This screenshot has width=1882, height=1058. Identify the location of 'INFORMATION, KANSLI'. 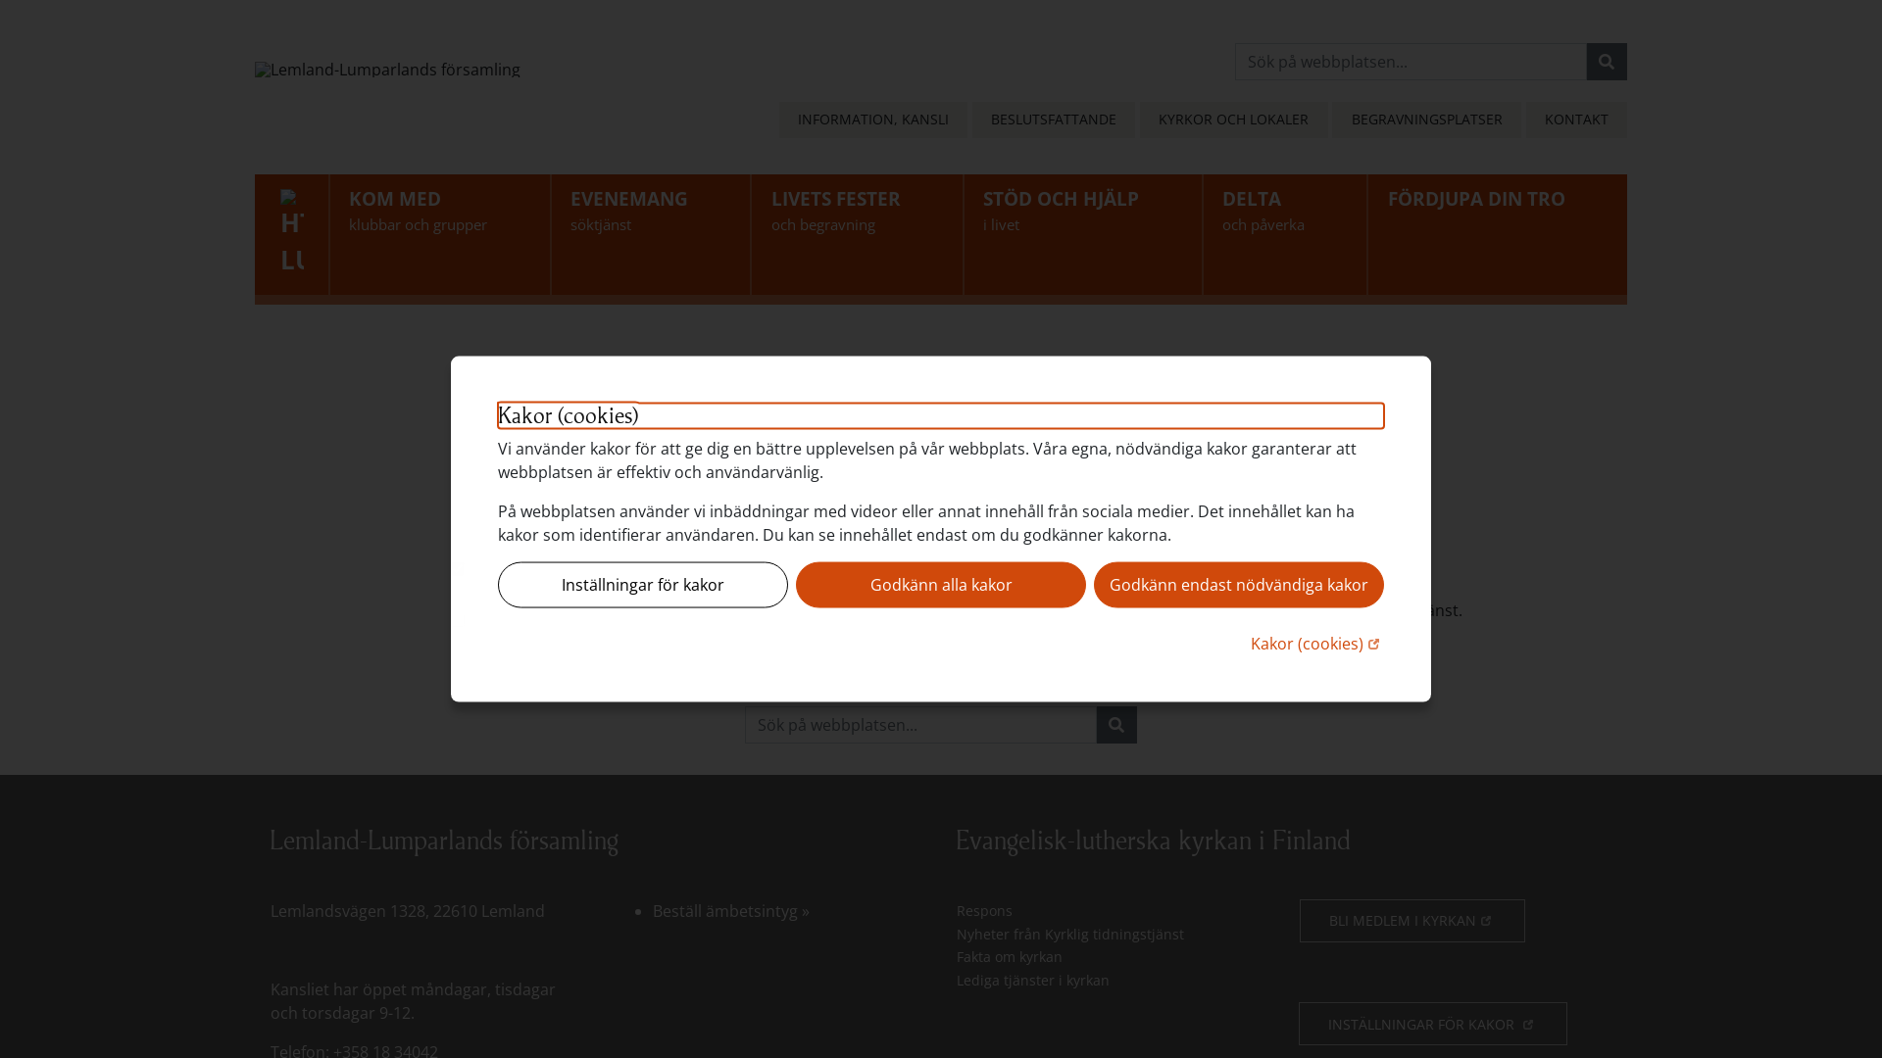
(872, 120).